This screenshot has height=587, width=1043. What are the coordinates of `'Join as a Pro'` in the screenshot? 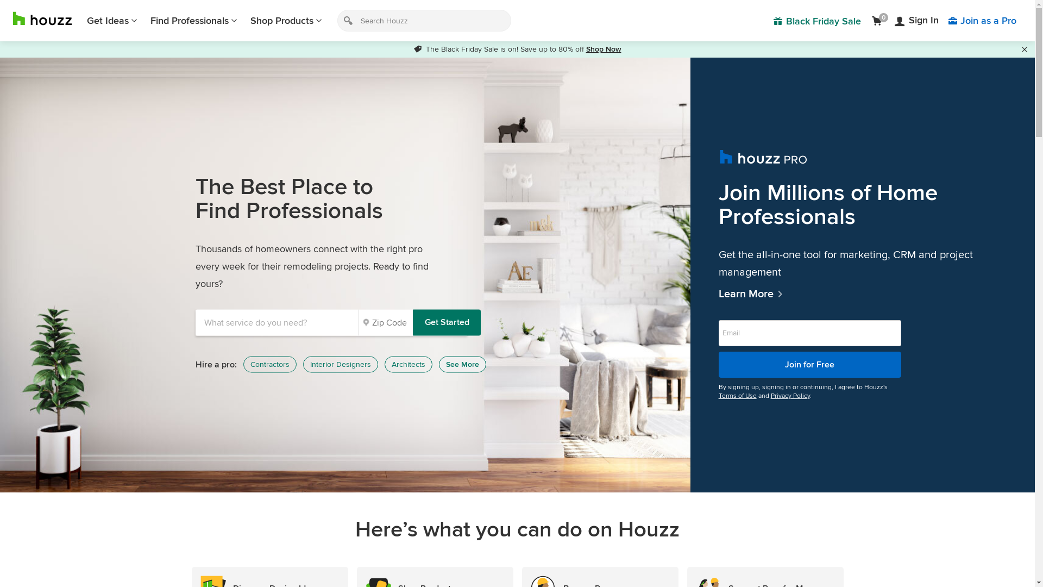 It's located at (982, 20).